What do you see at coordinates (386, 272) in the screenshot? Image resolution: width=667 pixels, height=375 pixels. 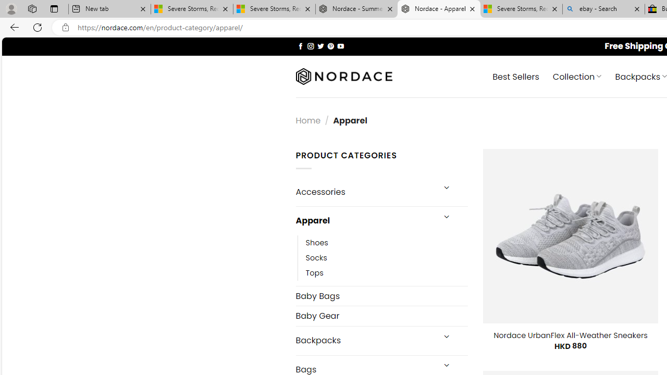 I see `'Tops'` at bounding box center [386, 272].